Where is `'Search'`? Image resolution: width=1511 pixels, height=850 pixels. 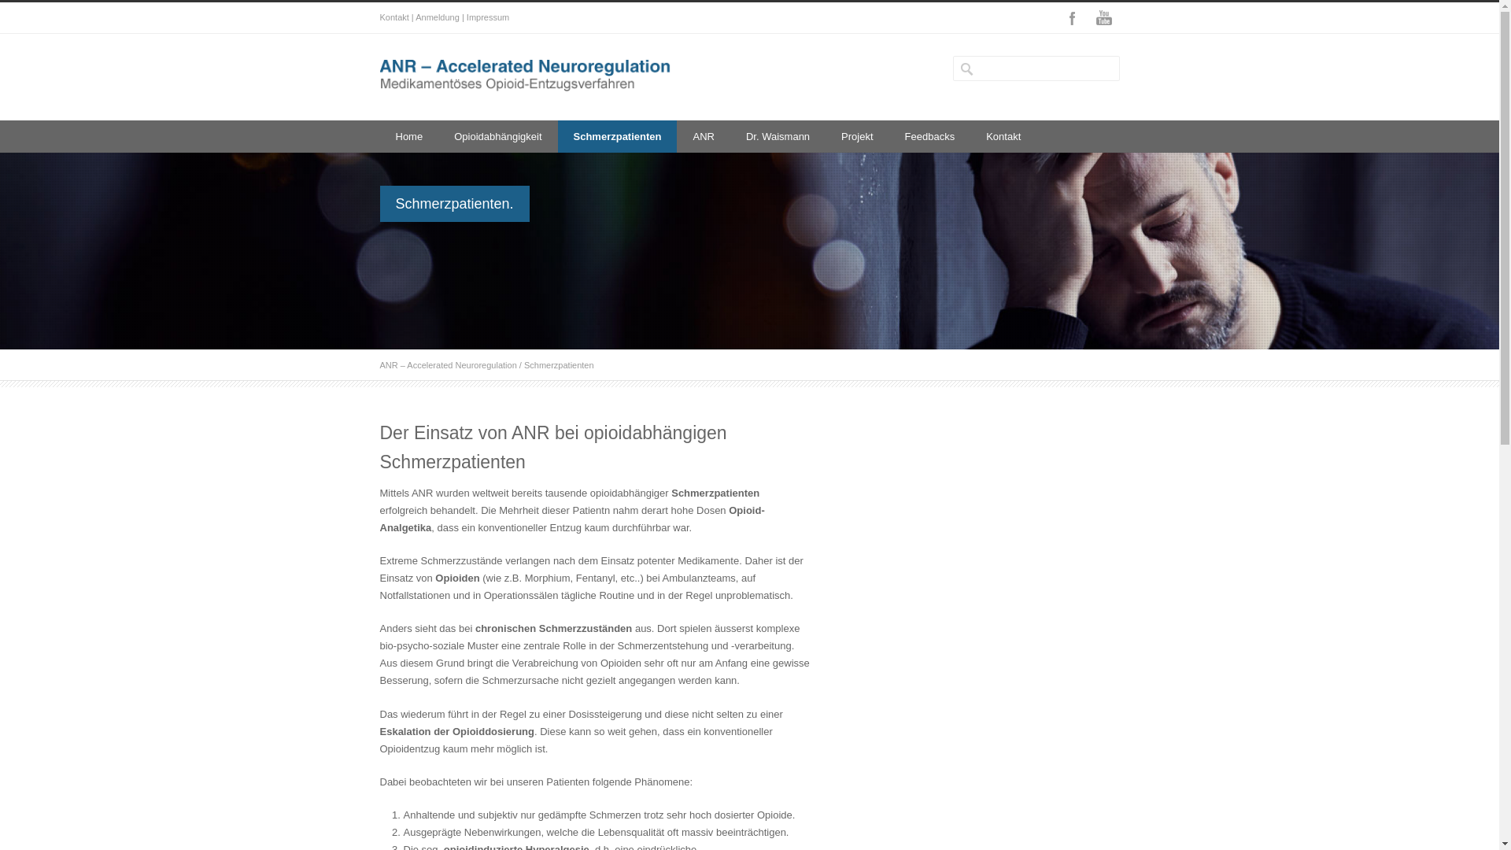
'Search' is located at coordinates (70, 12).